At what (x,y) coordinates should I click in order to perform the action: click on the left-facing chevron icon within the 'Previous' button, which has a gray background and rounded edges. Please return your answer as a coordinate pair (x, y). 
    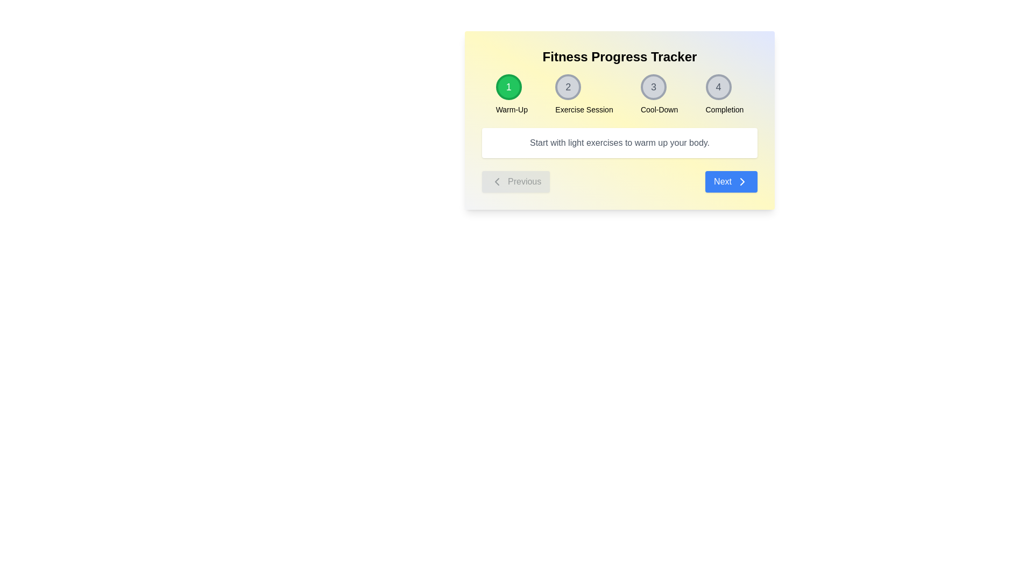
    Looking at the image, I should click on (497, 181).